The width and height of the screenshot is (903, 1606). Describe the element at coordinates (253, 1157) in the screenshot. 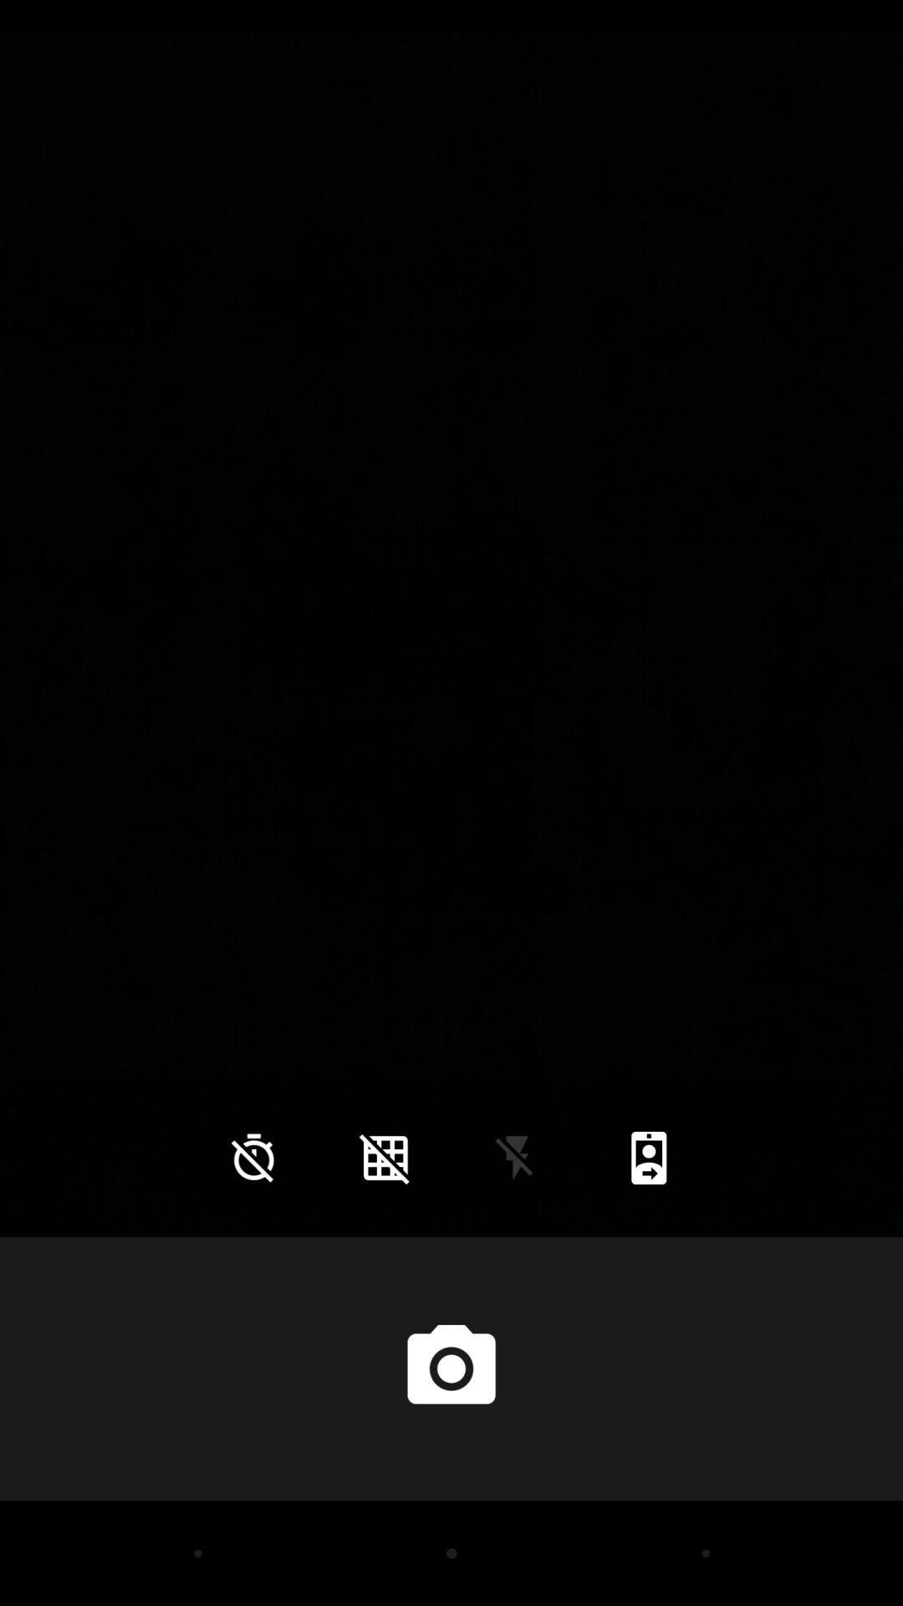

I see `the time icon` at that location.